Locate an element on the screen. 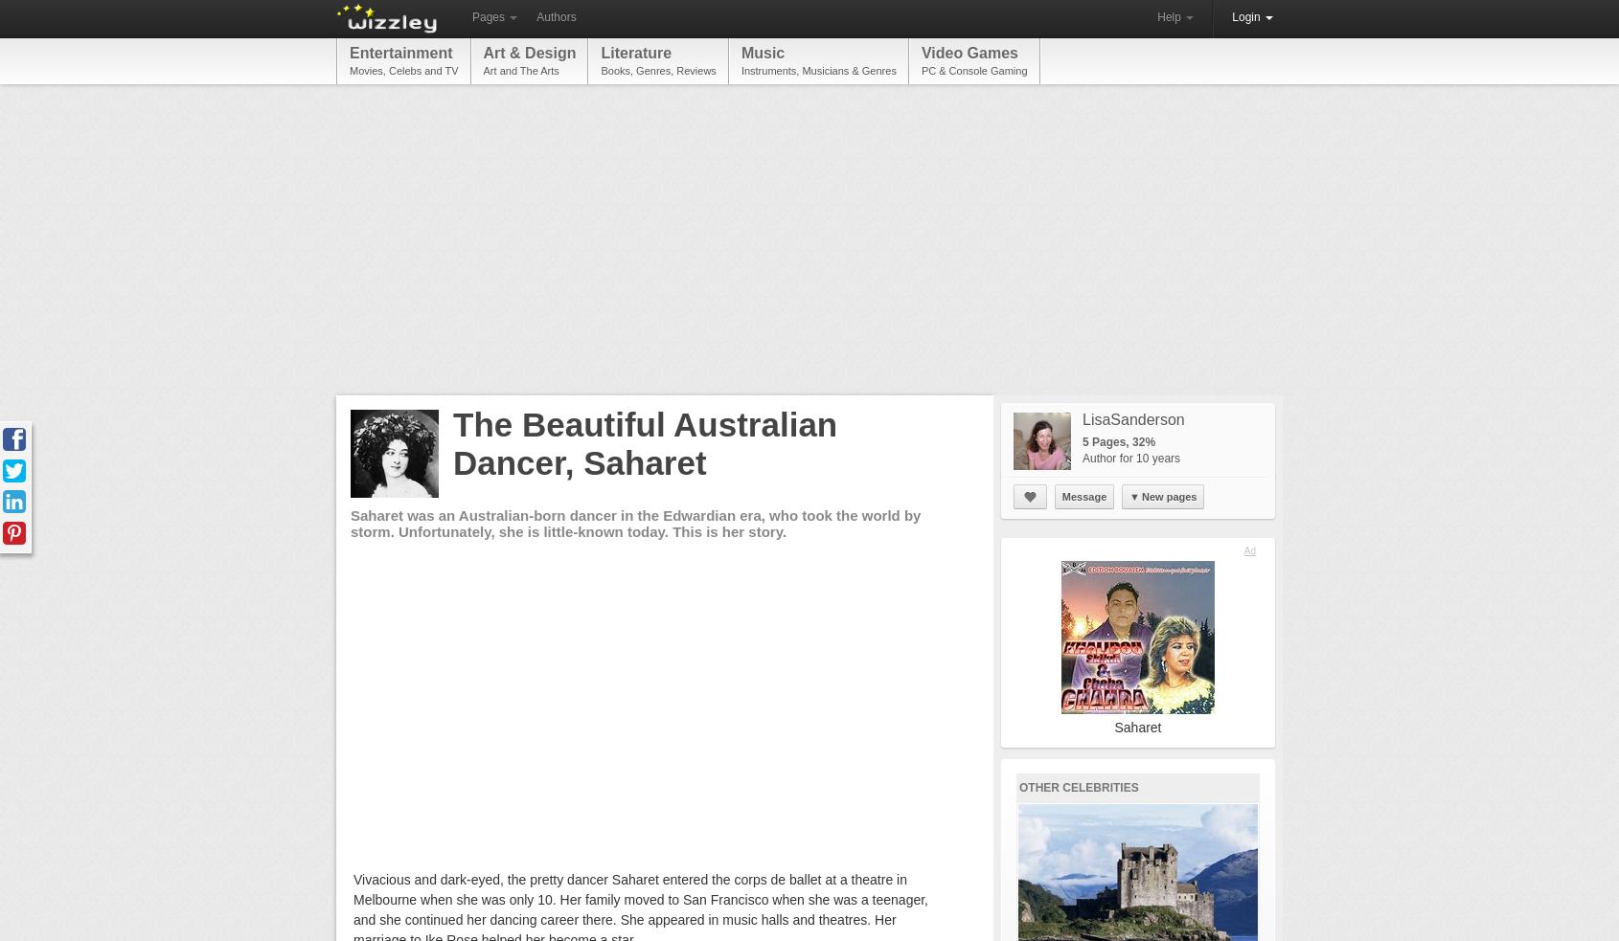  'katiem2' is located at coordinates (1157, 819).